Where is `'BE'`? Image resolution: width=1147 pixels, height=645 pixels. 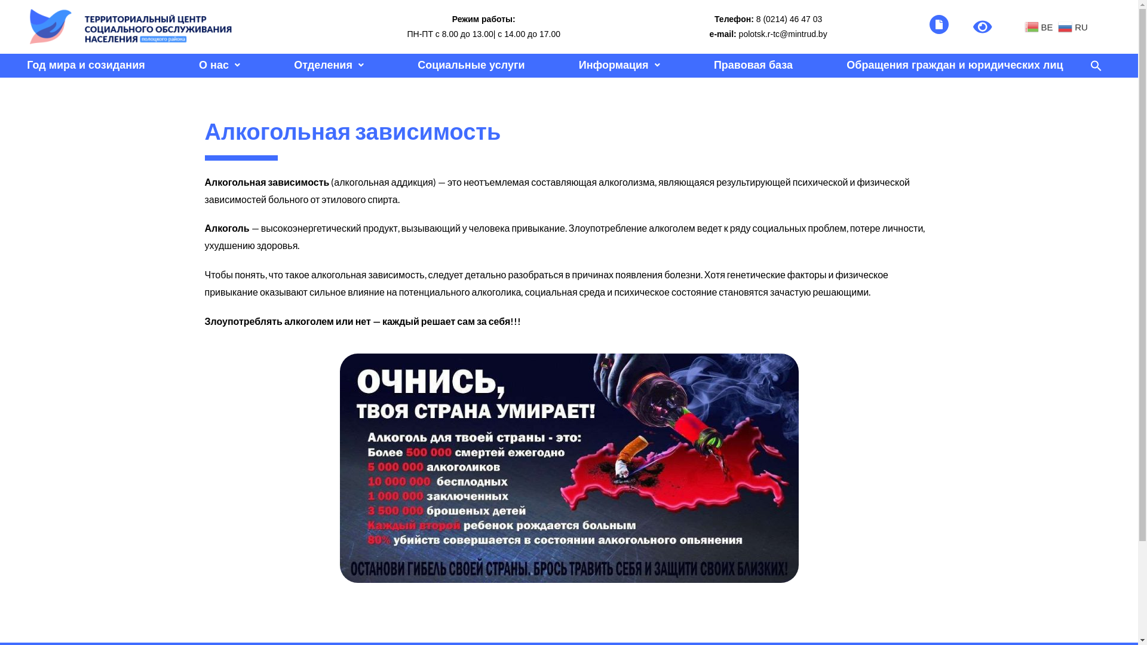
'BE' is located at coordinates (1039, 26).